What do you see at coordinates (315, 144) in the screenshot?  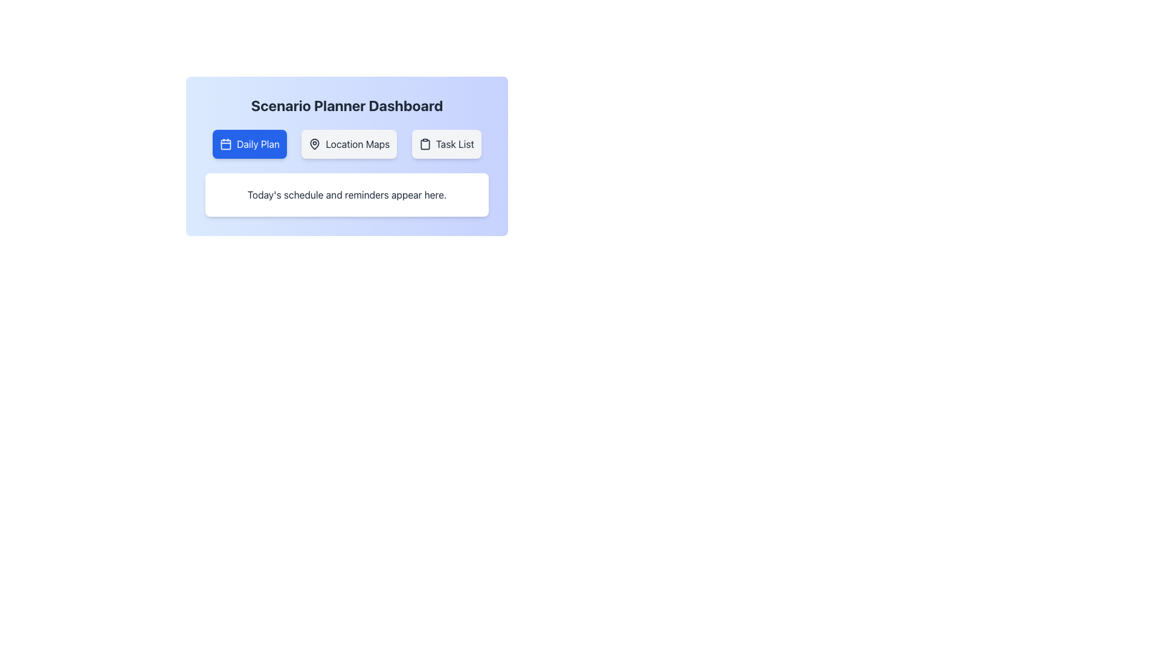 I see `the map pin icon located within the 'Location Maps' button, which is the middle button in a group of three buttons on the dashboard` at bounding box center [315, 144].